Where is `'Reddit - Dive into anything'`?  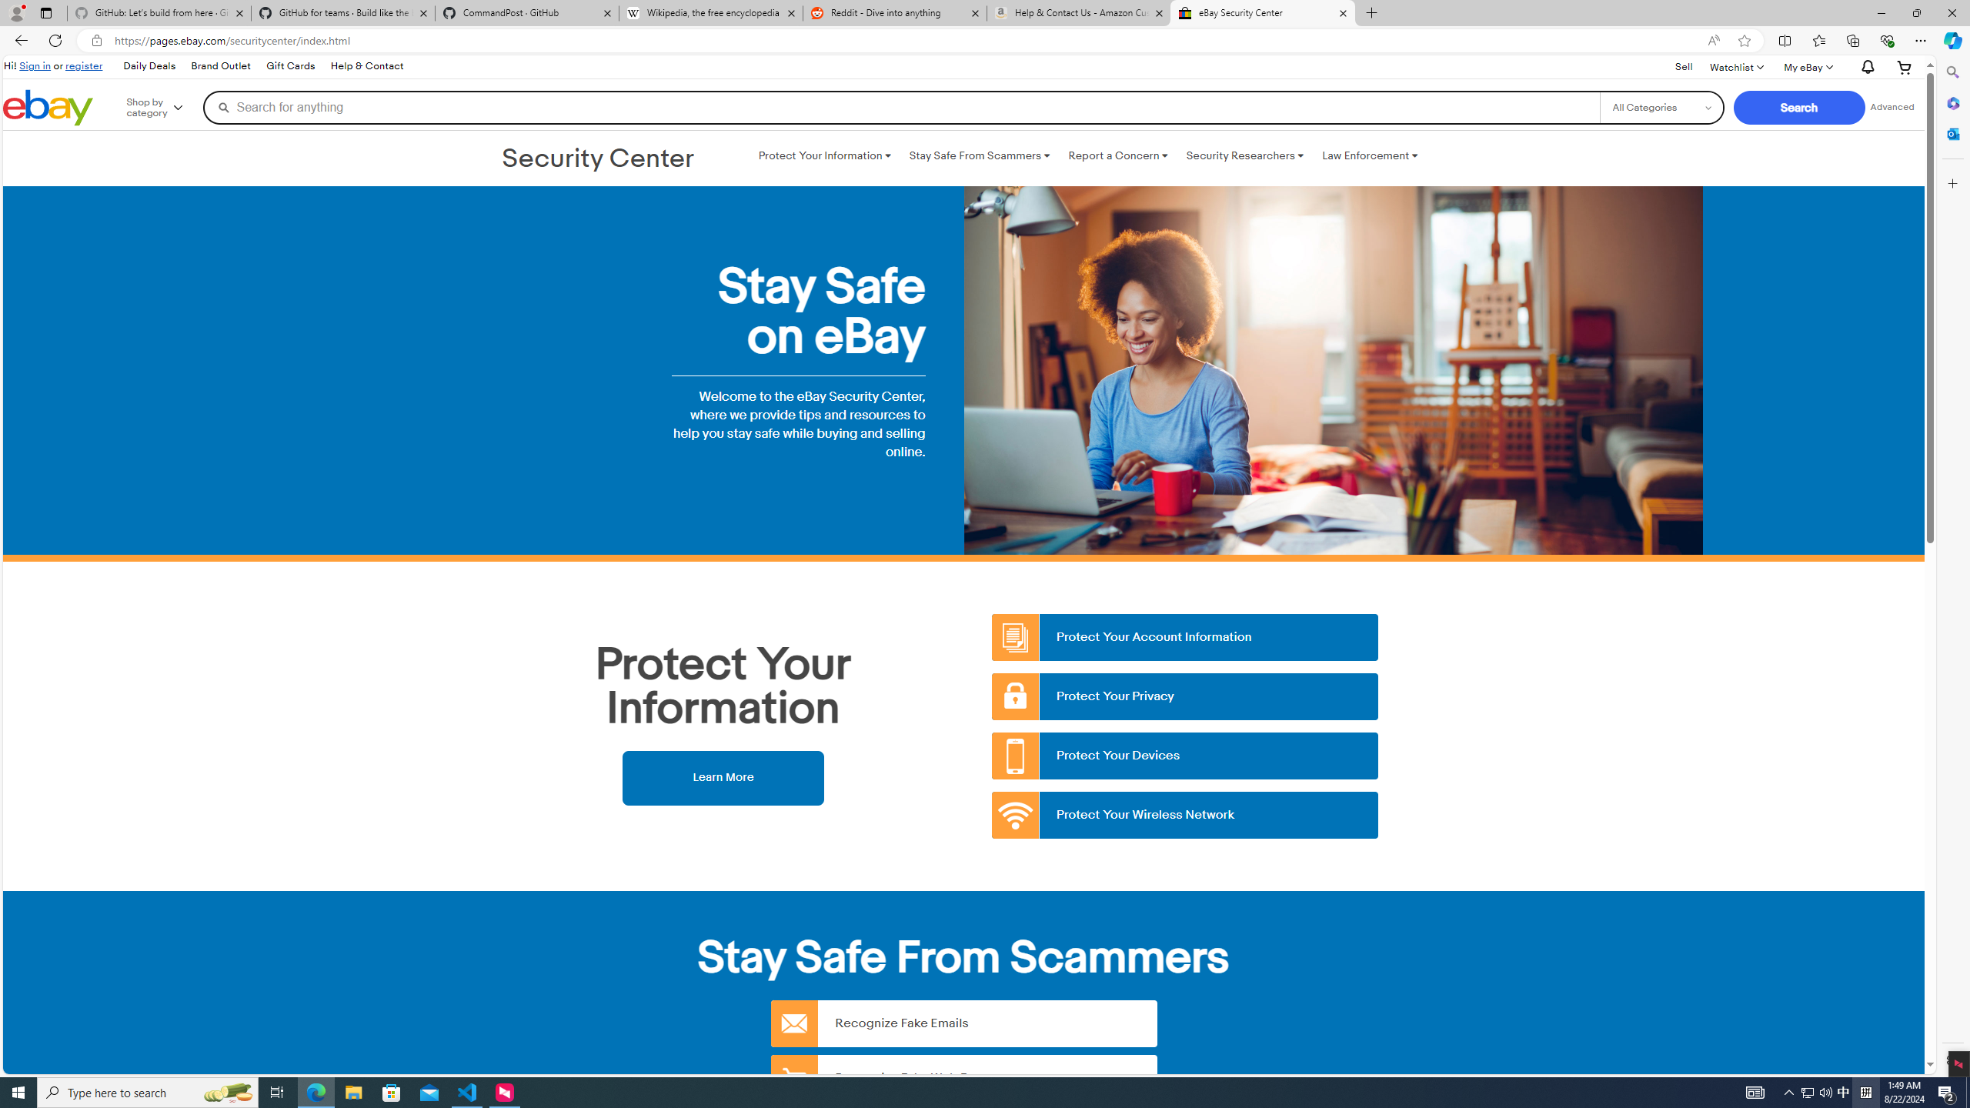
'Reddit - Dive into anything' is located at coordinates (893, 12).